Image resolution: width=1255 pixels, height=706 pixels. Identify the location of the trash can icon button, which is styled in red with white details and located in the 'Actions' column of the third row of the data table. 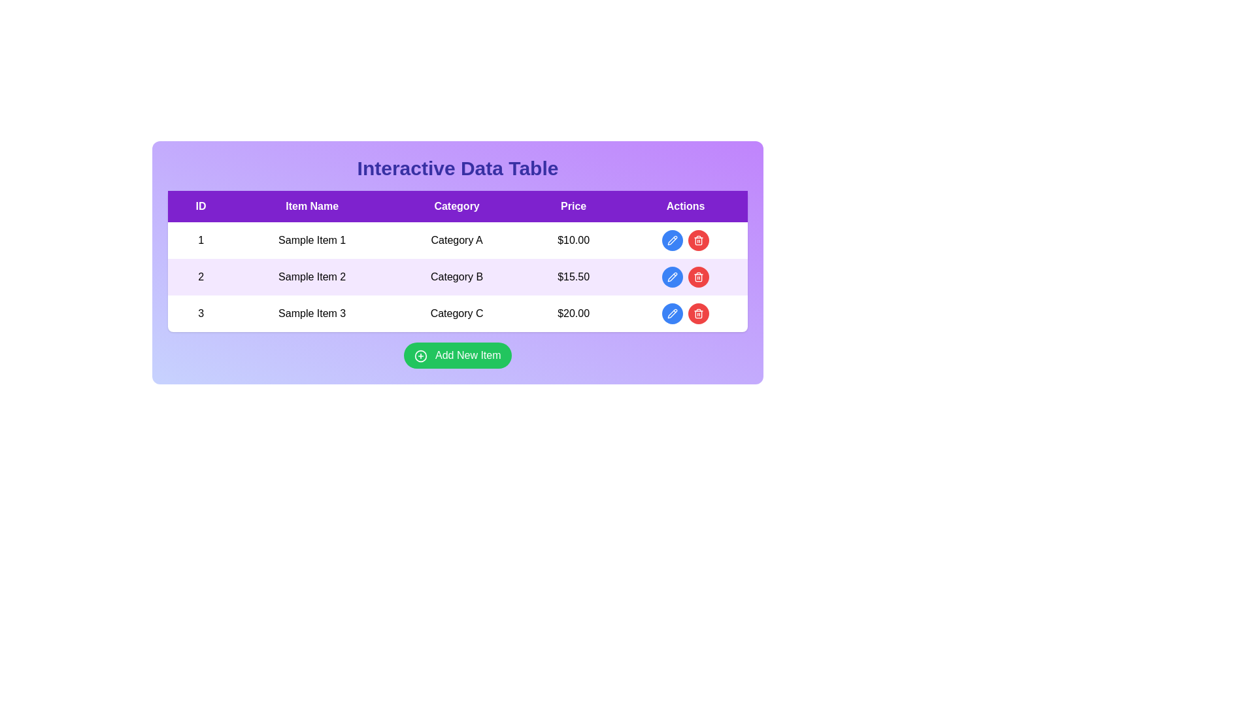
(698, 240).